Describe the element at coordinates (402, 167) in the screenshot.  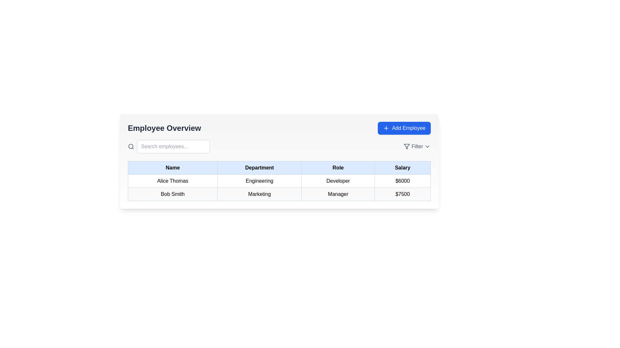
I see `the table header cell labeled 'Salary' which is the fourth cell in the header row with a light blue background and bold centered text` at that location.